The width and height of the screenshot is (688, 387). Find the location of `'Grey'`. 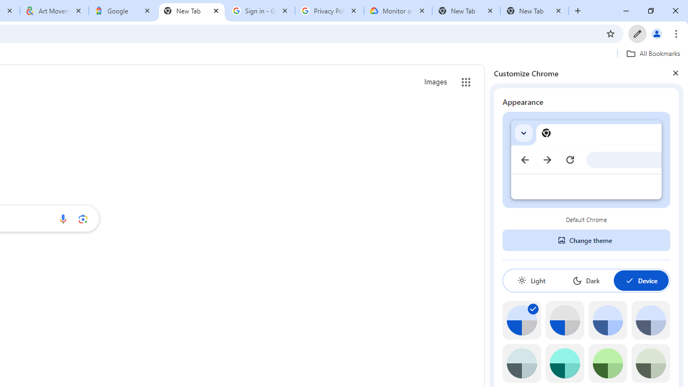

'Grey' is located at coordinates (521, 363).